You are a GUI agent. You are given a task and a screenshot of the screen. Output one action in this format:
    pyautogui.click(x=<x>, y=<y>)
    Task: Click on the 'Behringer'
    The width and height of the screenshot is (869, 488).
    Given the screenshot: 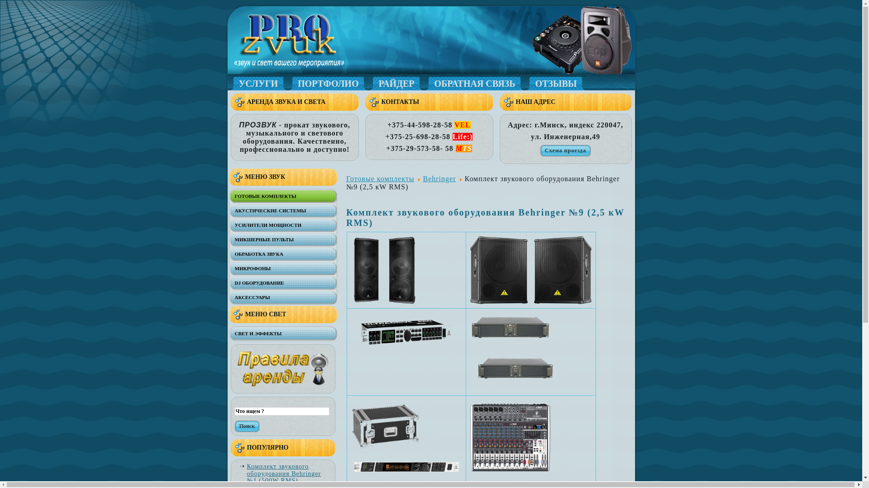 What is the action you would take?
    pyautogui.click(x=439, y=178)
    